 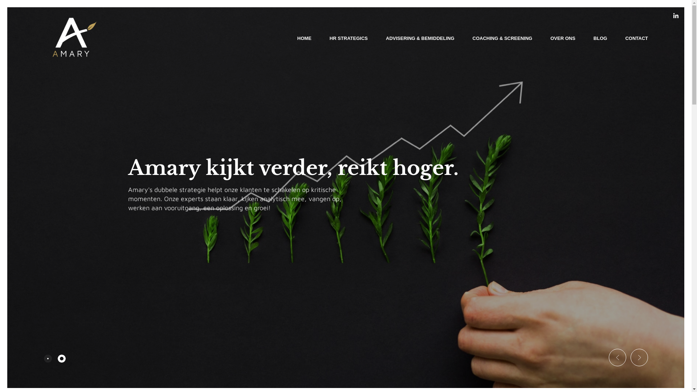 What do you see at coordinates (636, 38) in the screenshot?
I see `'CONTACT'` at bounding box center [636, 38].